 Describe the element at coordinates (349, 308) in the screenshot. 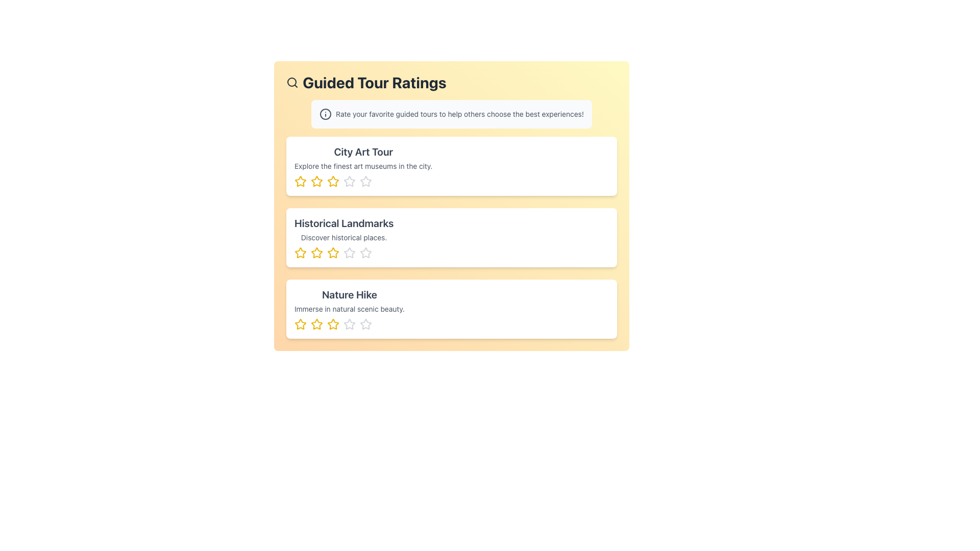

I see `the informational header and subtext text block for the 'Nature Hike' card, located in the center of the third card in the list` at that location.